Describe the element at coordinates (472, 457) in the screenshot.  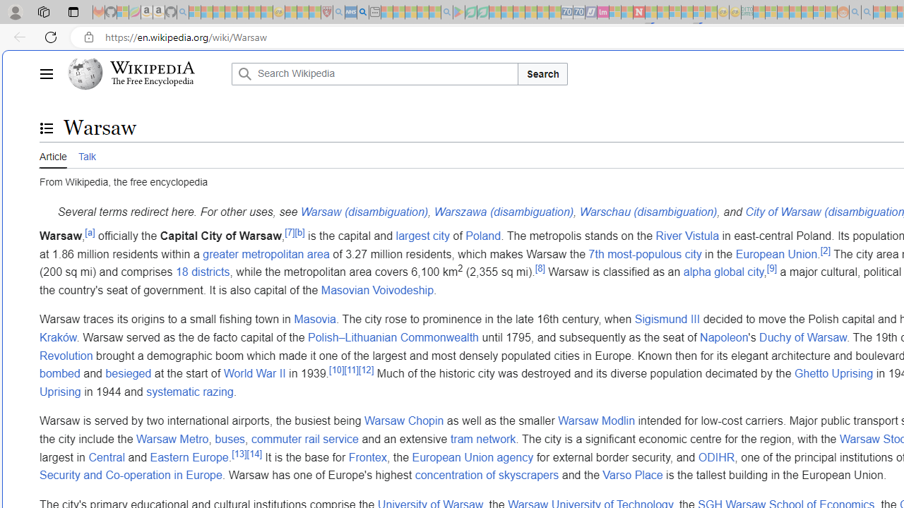
I see `'European Union agency'` at that location.